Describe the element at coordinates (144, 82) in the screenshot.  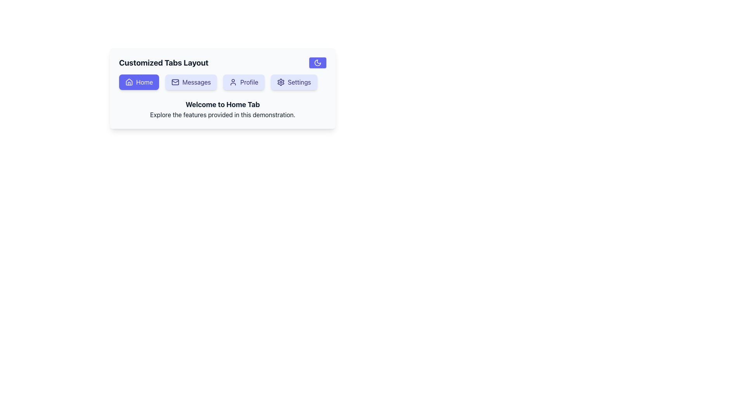
I see `the 'Home' text label, which is styled with white text on a blue background and is part of a navigation button in the top-left corner of the card section` at that location.